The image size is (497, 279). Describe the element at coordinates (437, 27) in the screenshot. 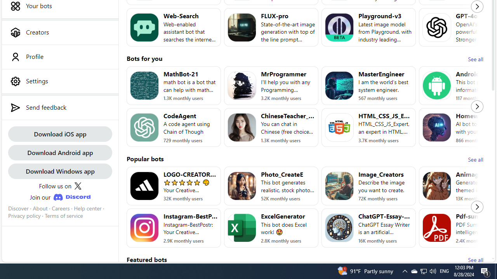

I see `'Bot image for GPT-4o'` at that location.